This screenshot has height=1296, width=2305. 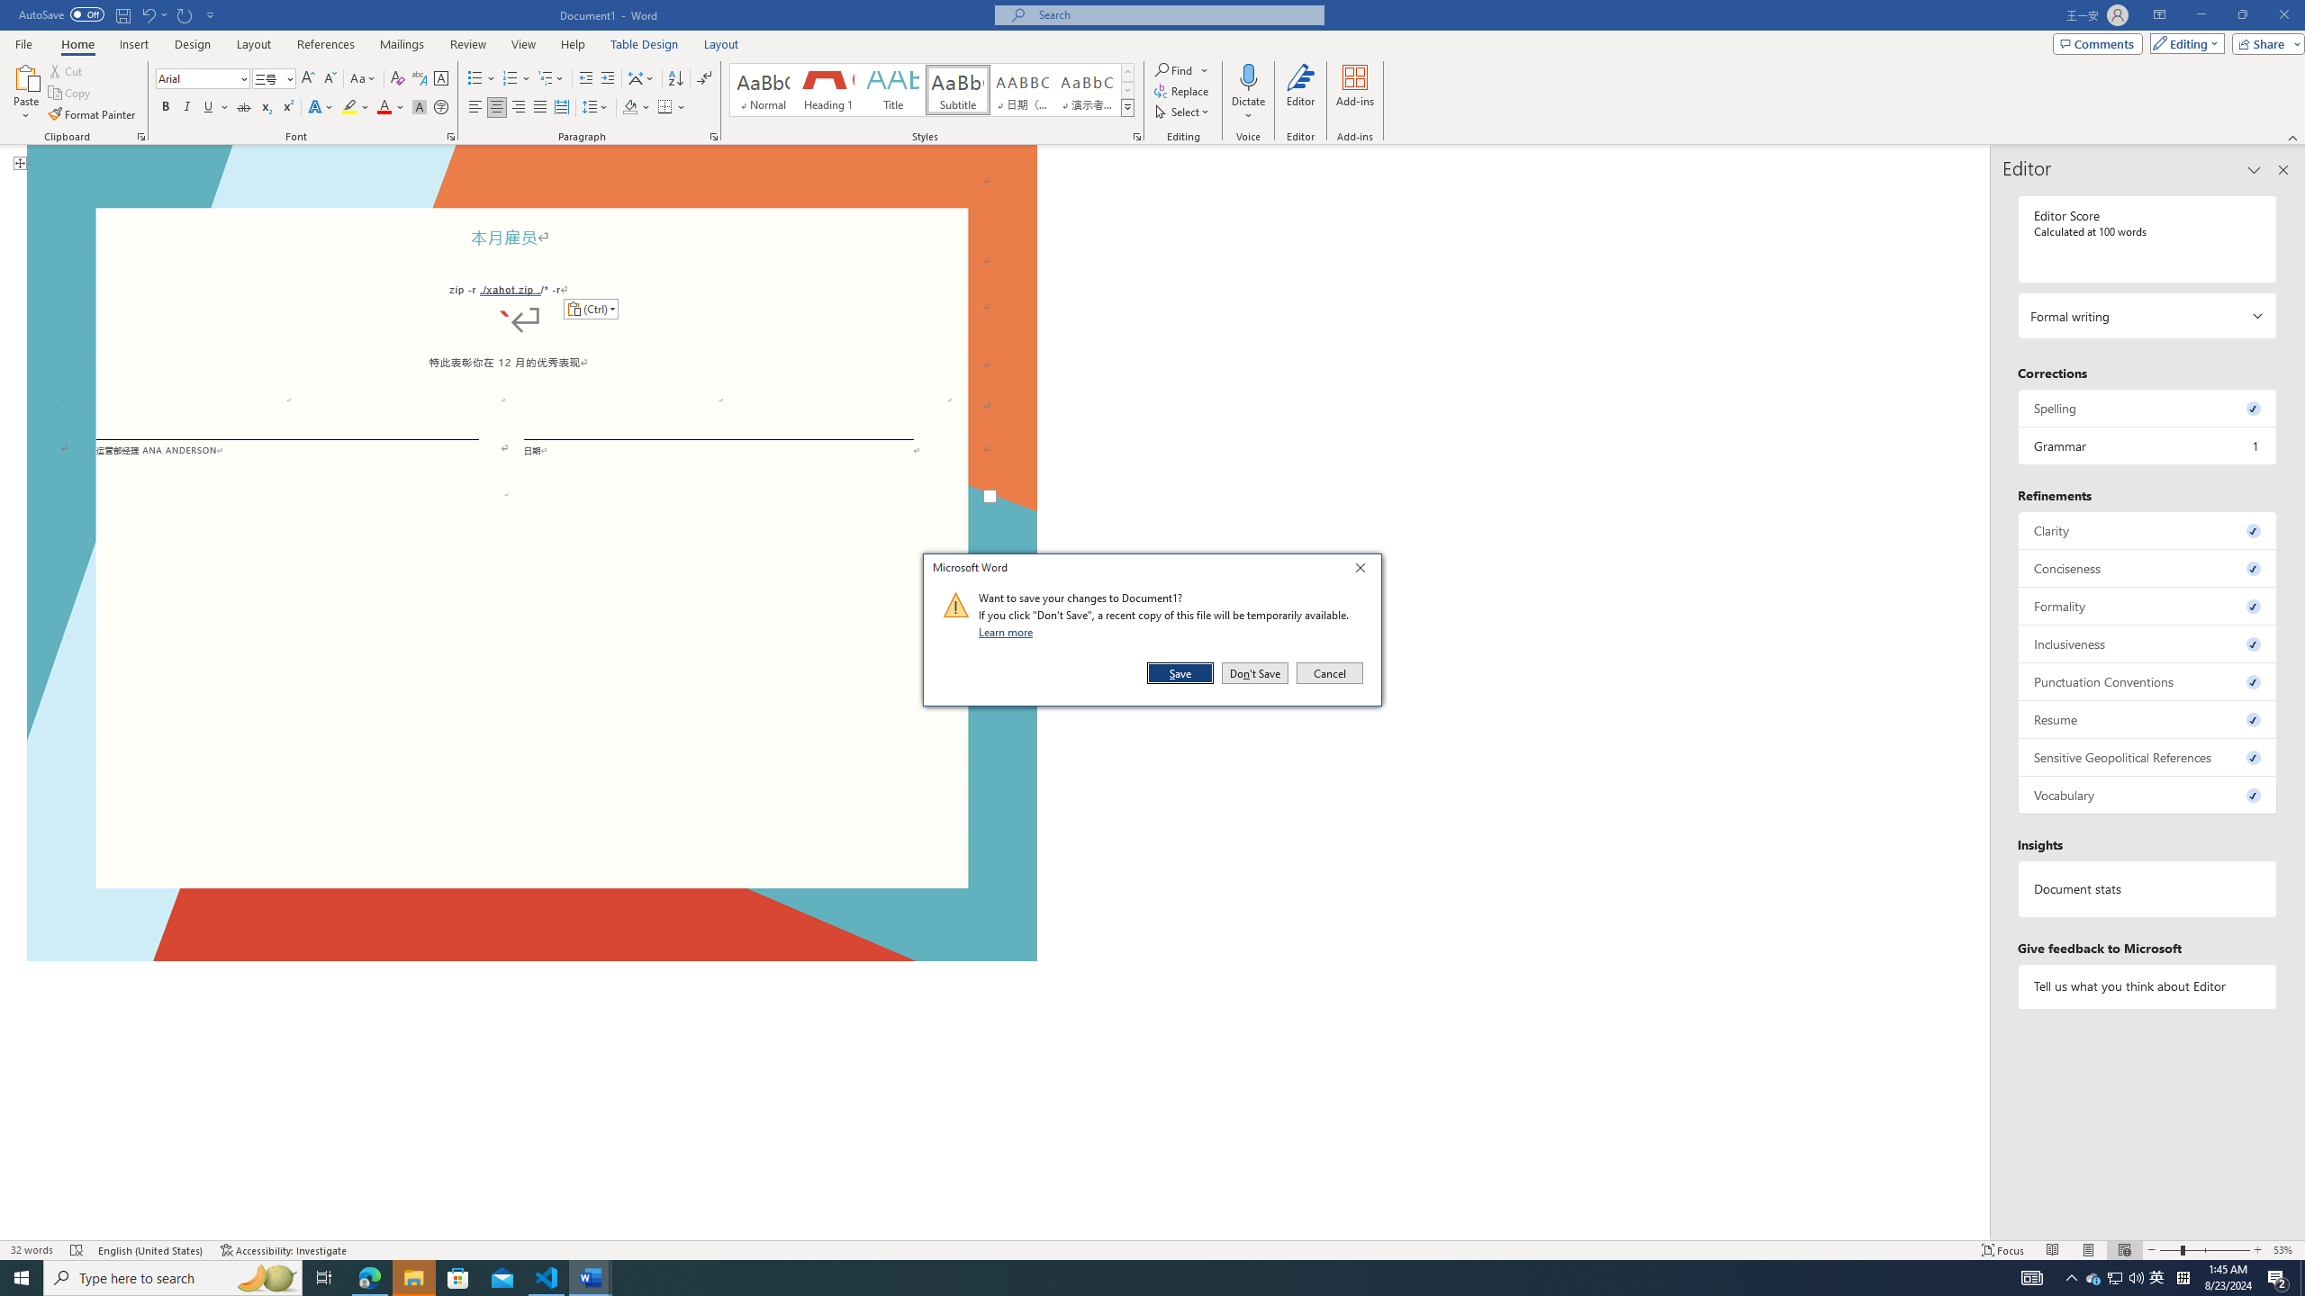 I want to click on 'Design', so click(x=194, y=44).